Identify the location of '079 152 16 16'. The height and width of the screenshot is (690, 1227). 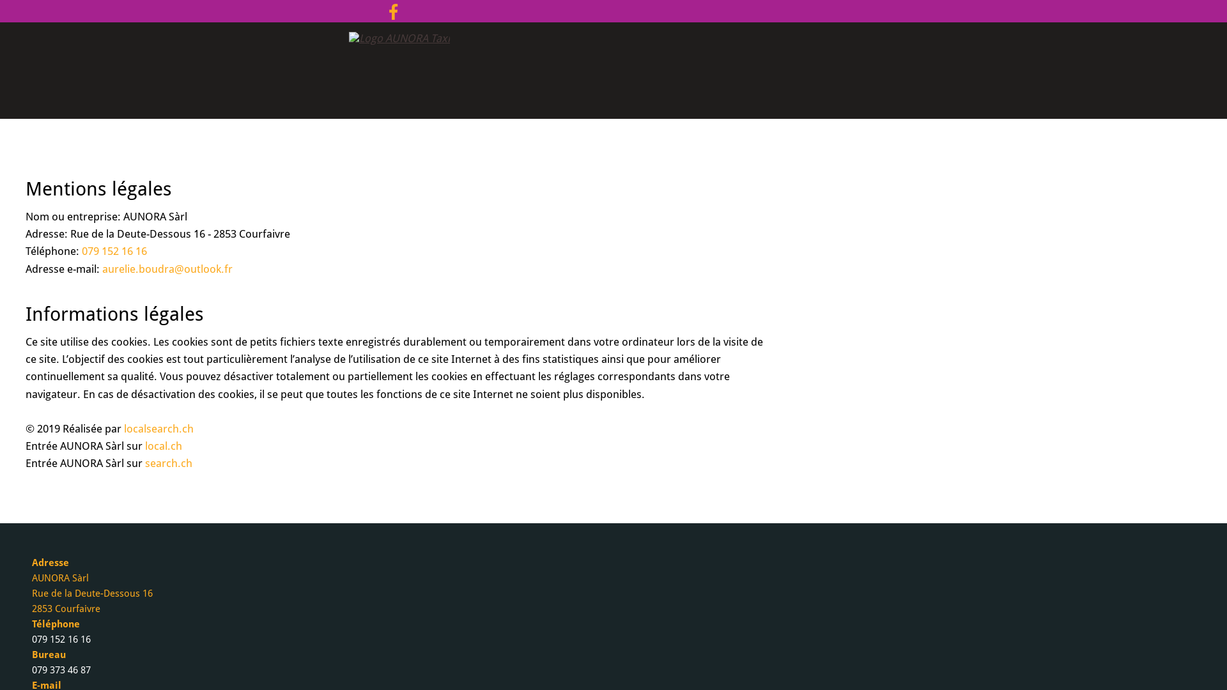
(114, 251).